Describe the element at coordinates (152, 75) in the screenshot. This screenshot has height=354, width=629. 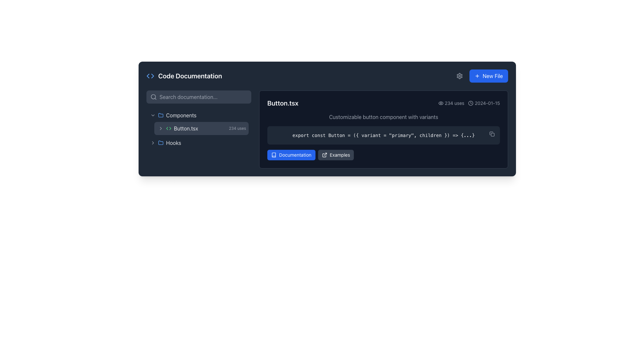
I see `the right-side part of the arrow icon located in the top left section of the interface` at that location.